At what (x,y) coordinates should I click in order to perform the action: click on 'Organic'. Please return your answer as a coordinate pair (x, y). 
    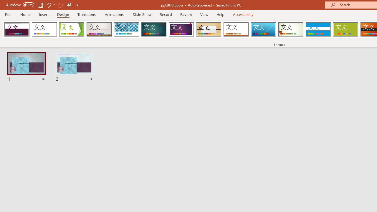
    Looking at the image, I should click on (209, 29).